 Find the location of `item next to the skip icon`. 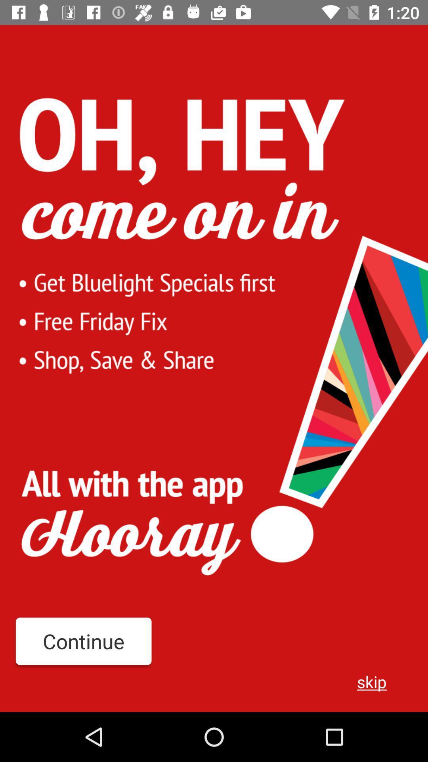

item next to the skip icon is located at coordinates (84, 641).